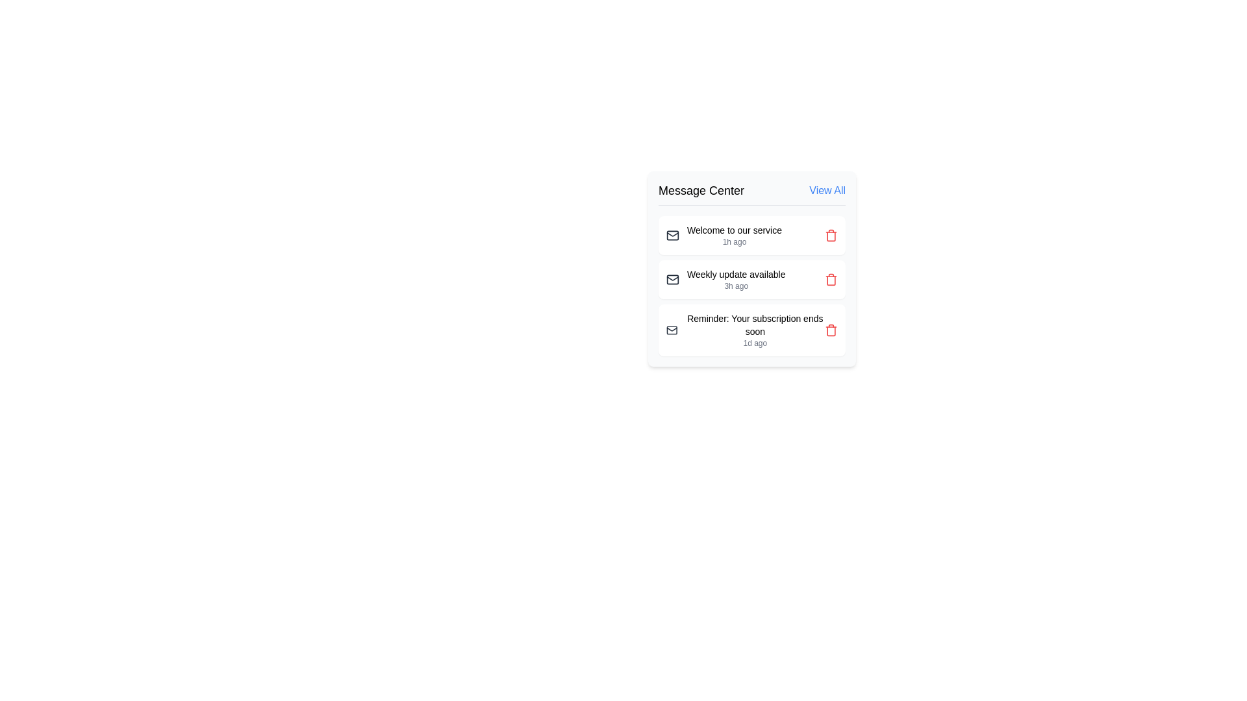  What do you see at coordinates (735, 242) in the screenshot?
I see `the static text label element that displays the timestamp in the notification card under the 'Welcome to our service' title in the 'Message Center' interface` at bounding box center [735, 242].